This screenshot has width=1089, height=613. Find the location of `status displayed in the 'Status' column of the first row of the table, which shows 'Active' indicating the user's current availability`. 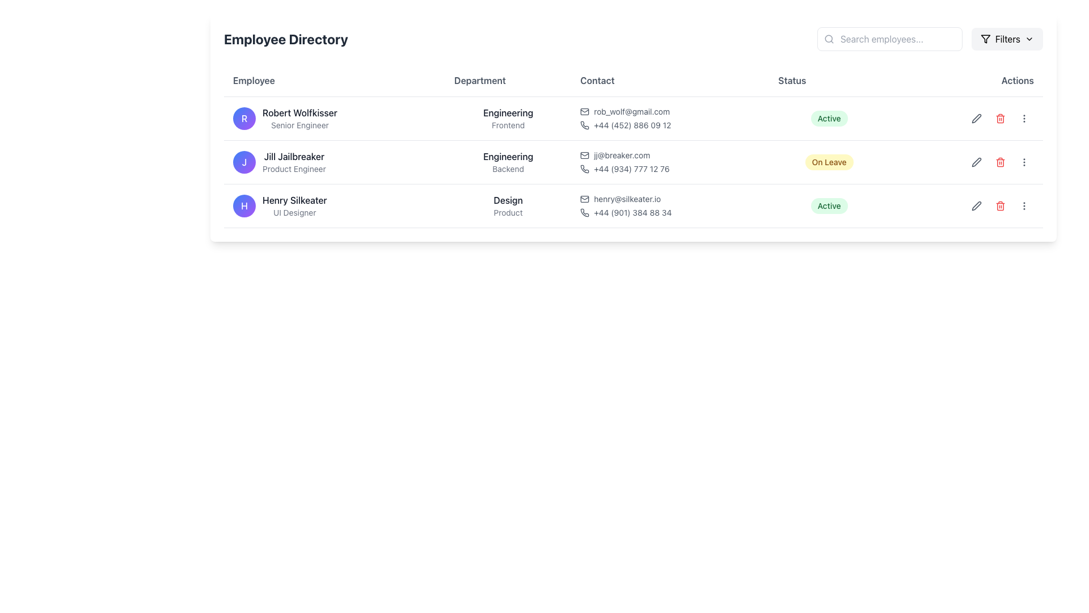

status displayed in the 'Status' column of the first row of the table, which shows 'Active' indicating the user's current availability is located at coordinates (829, 118).